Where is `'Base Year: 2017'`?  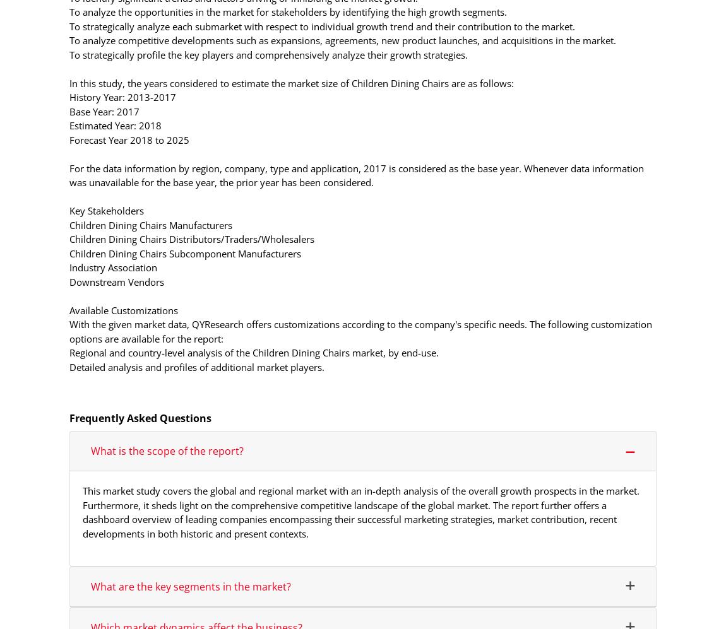 'Base Year: 2017' is located at coordinates (104, 110).